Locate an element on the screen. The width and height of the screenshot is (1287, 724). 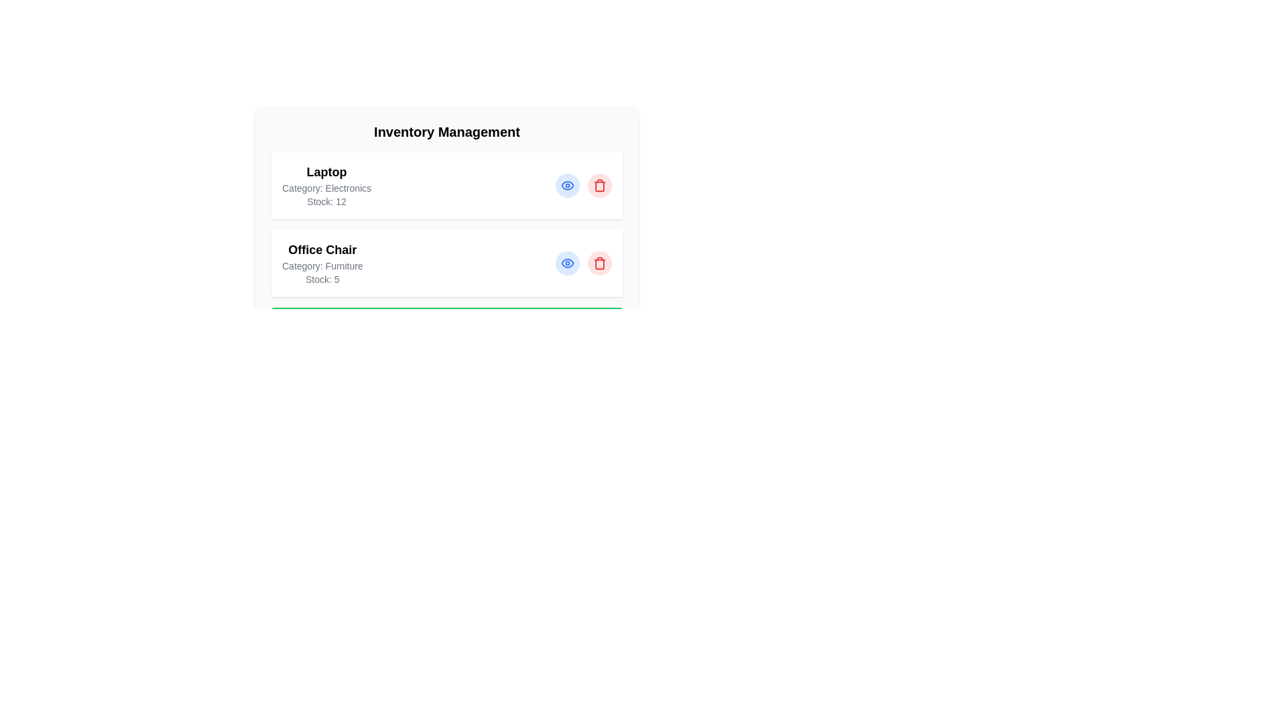
the text Office Chair within the component is located at coordinates (322, 250).